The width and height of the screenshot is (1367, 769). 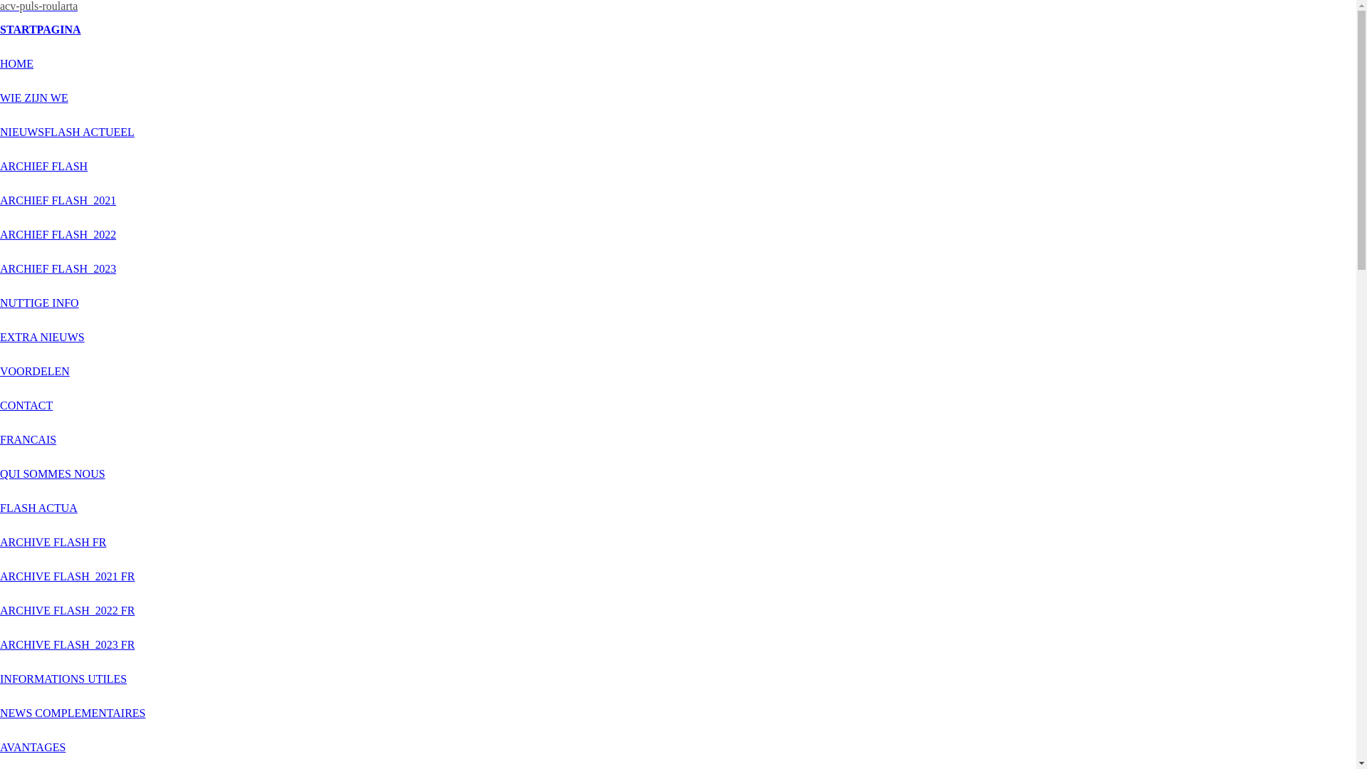 I want to click on 'ARCHIEF FLASH_2022', so click(x=57, y=234).